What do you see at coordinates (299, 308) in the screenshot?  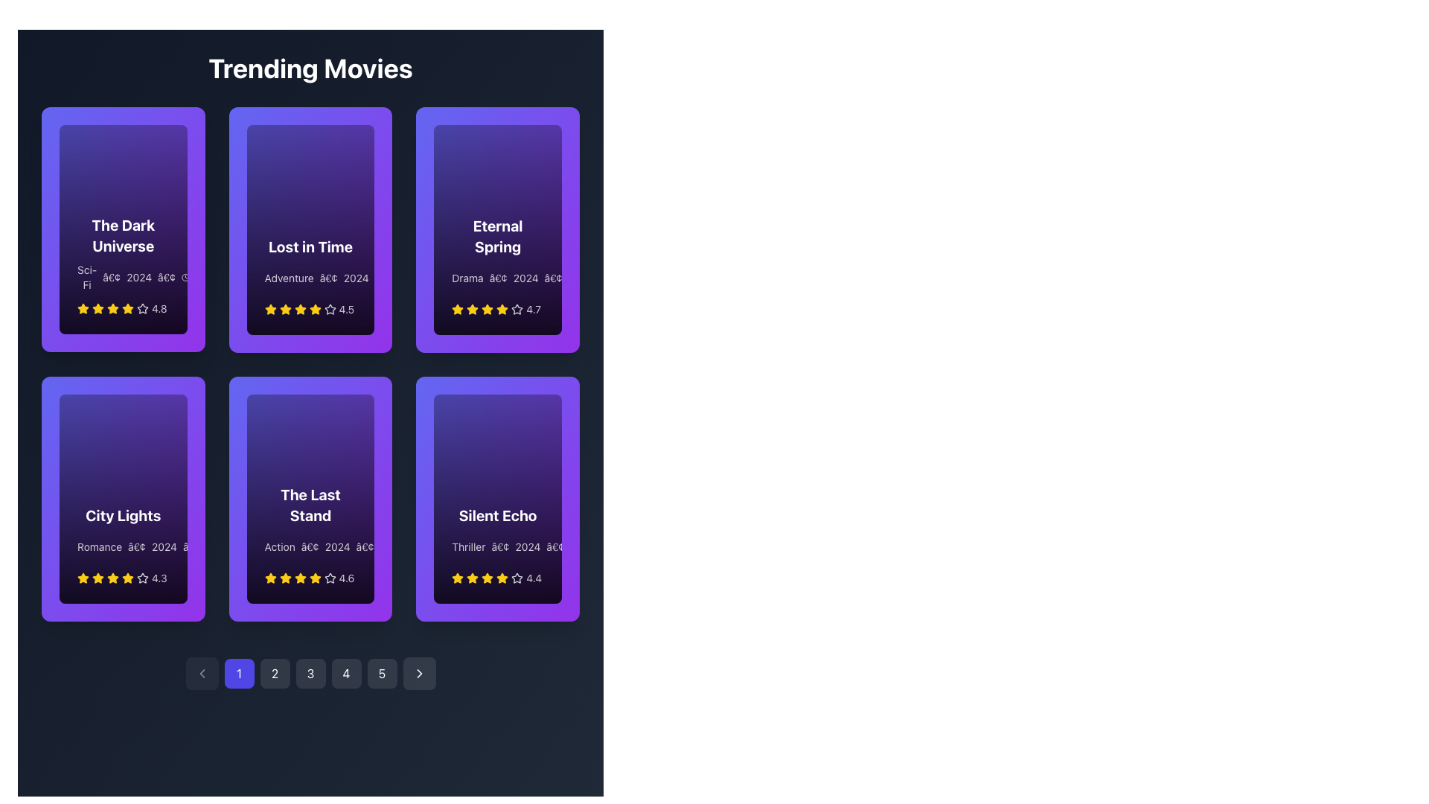 I see `the fourth yellow star icon in the 5-star rating system for the 'Lost in Time' movie card` at bounding box center [299, 308].